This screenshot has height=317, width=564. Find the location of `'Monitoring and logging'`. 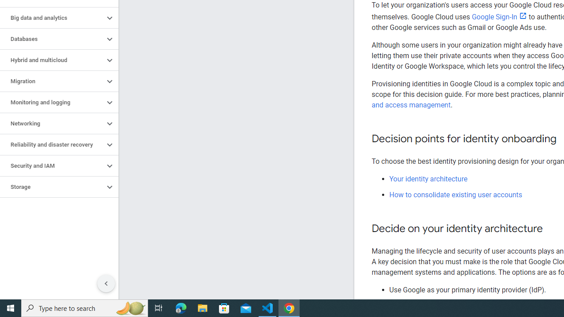

'Monitoring and logging' is located at coordinates (52, 102).